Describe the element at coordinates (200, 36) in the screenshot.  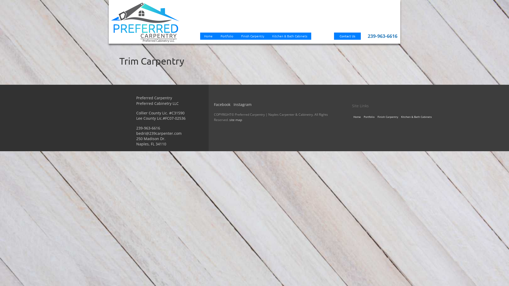
I see `'Home'` at that location.